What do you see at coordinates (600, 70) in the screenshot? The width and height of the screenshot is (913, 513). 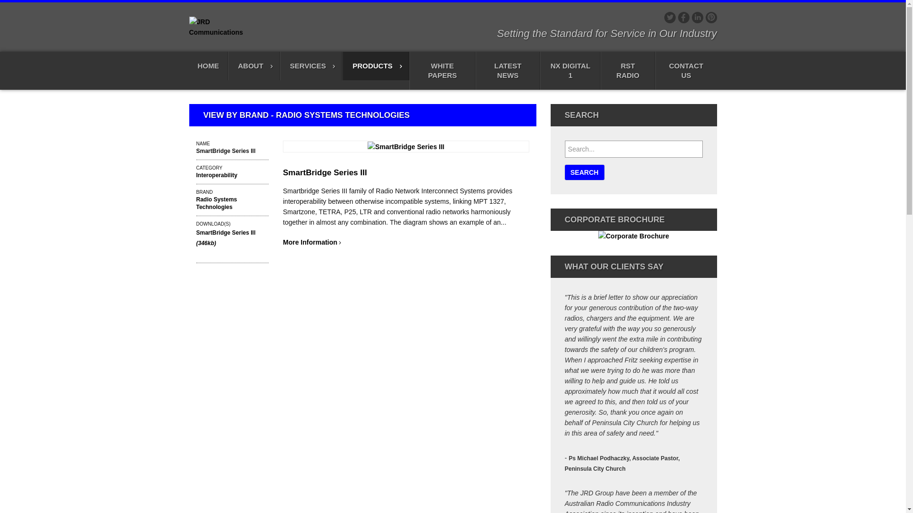 I see `'RST RADIO'` at bounding box center [600, 70].